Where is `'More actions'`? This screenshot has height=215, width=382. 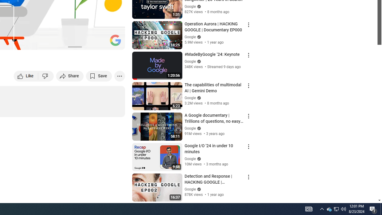 'More actions' is located at coordinates (119, 76).